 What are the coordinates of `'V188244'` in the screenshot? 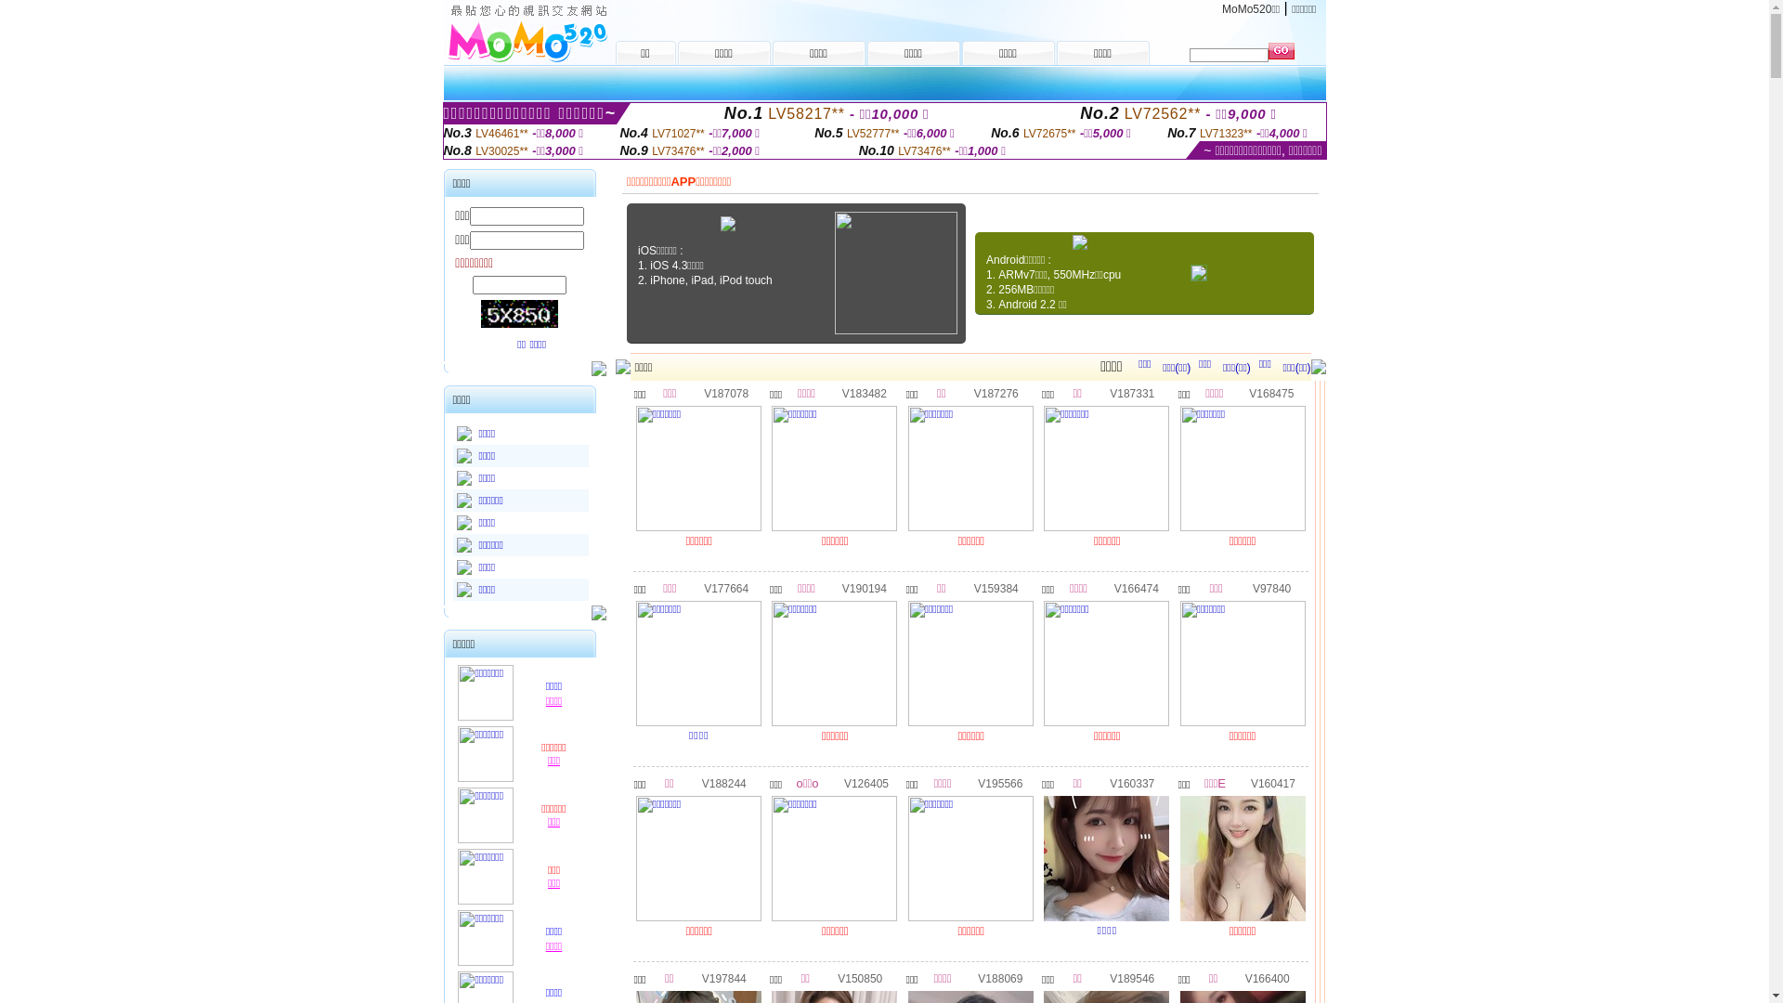 It's located at (722, 783).